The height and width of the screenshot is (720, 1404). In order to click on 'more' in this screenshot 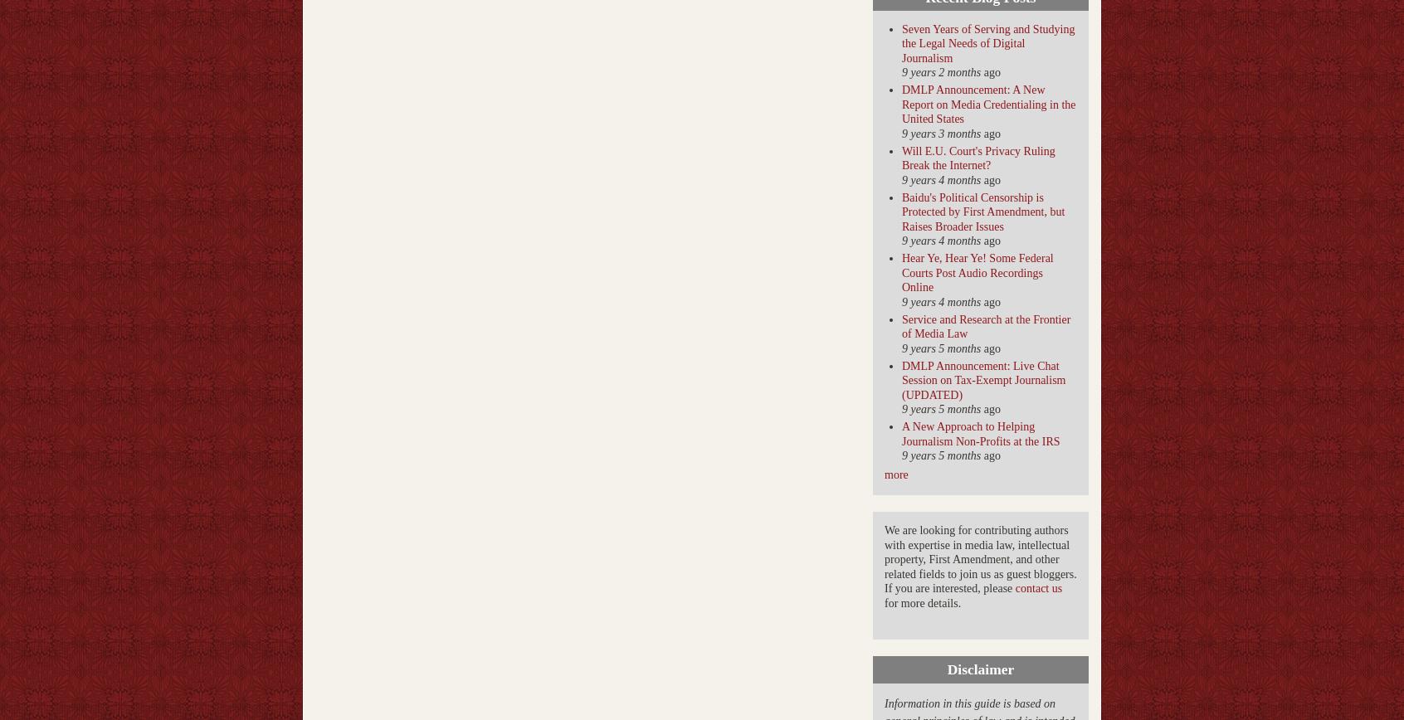, I will do `click(896, 474)`.